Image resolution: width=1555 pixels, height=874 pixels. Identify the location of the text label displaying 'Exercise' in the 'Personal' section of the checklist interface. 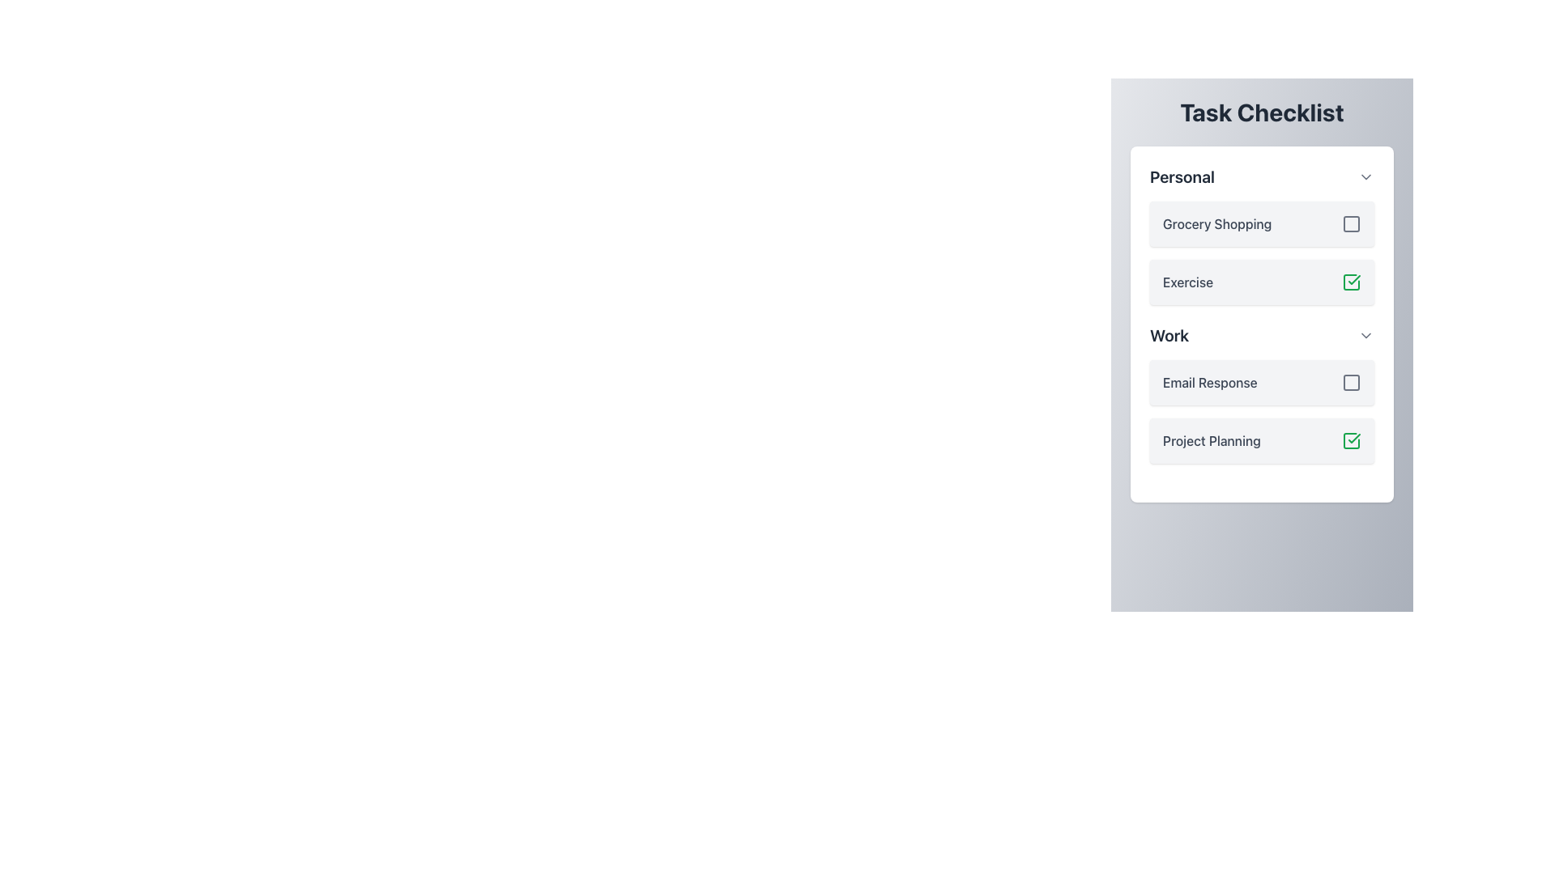
(1188, 281).